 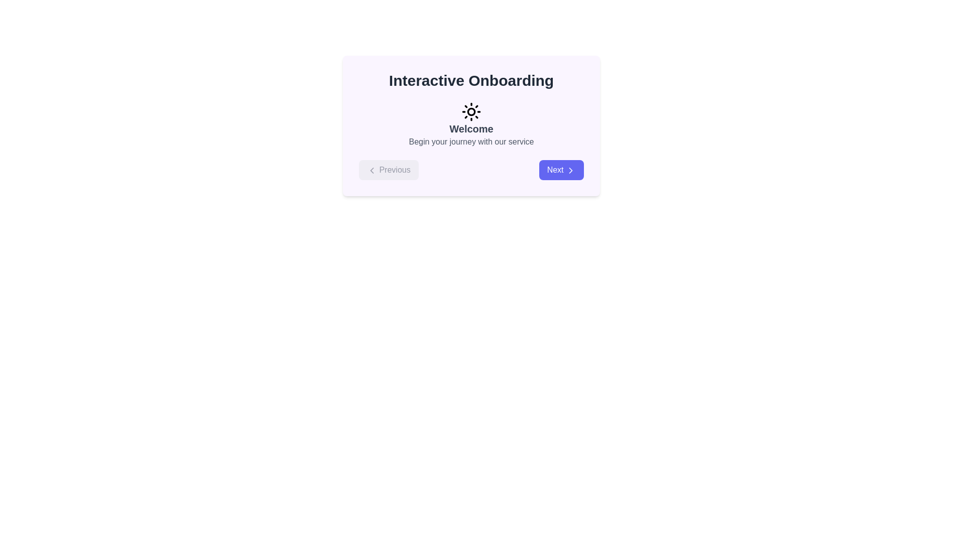 What do you see at coordinates (471, 112) in the screenshot?
I see `the circular black sun icon with sun rays, which is centrally aligned above the 'Welcome' text and below the 'Interactive Onboarding' heading` at bounding box center [471, 112].